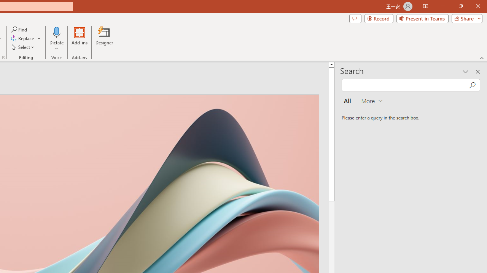 The width and height of the screenshot is (487, 273). What do you see at coordinates (23, 47) in the screenshot?
I see `'Select'` at bounding box center [23, 47].